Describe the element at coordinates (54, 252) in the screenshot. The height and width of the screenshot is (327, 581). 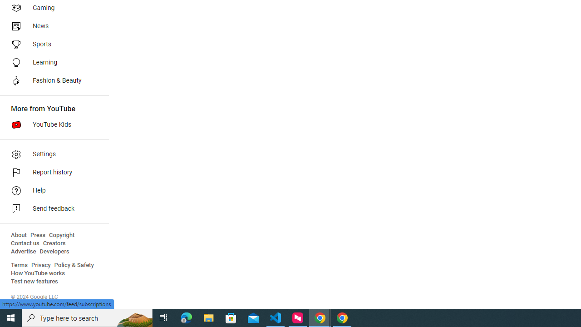
I see `'Developers'` at that location.